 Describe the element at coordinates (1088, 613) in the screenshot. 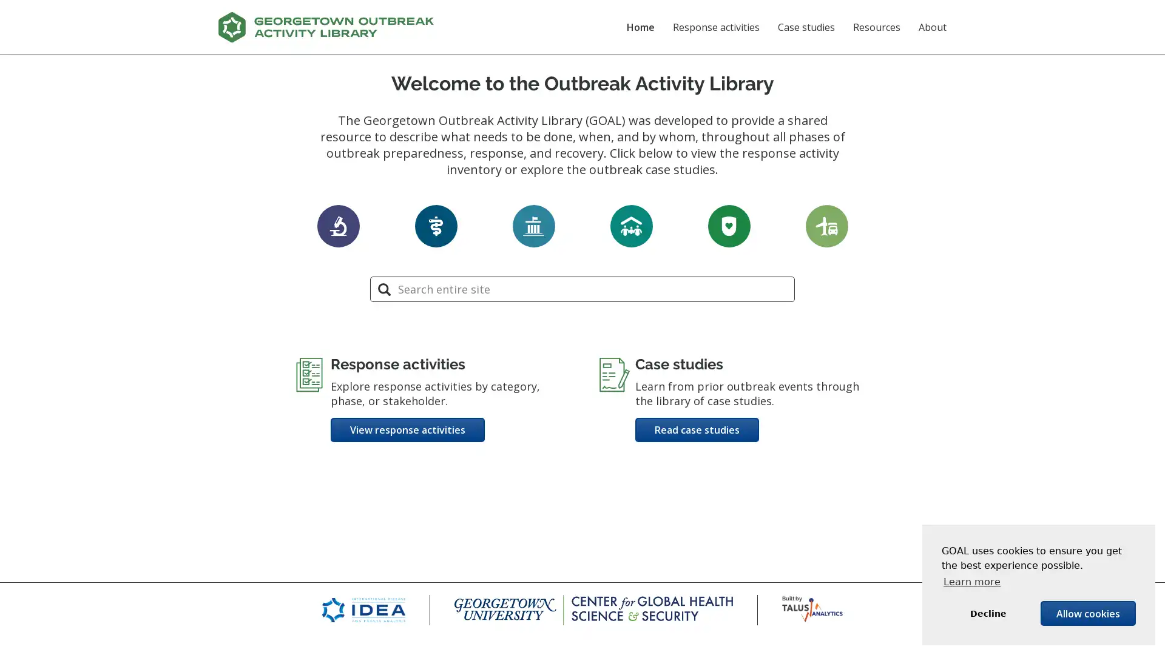

I see `allow cookies` at that location.